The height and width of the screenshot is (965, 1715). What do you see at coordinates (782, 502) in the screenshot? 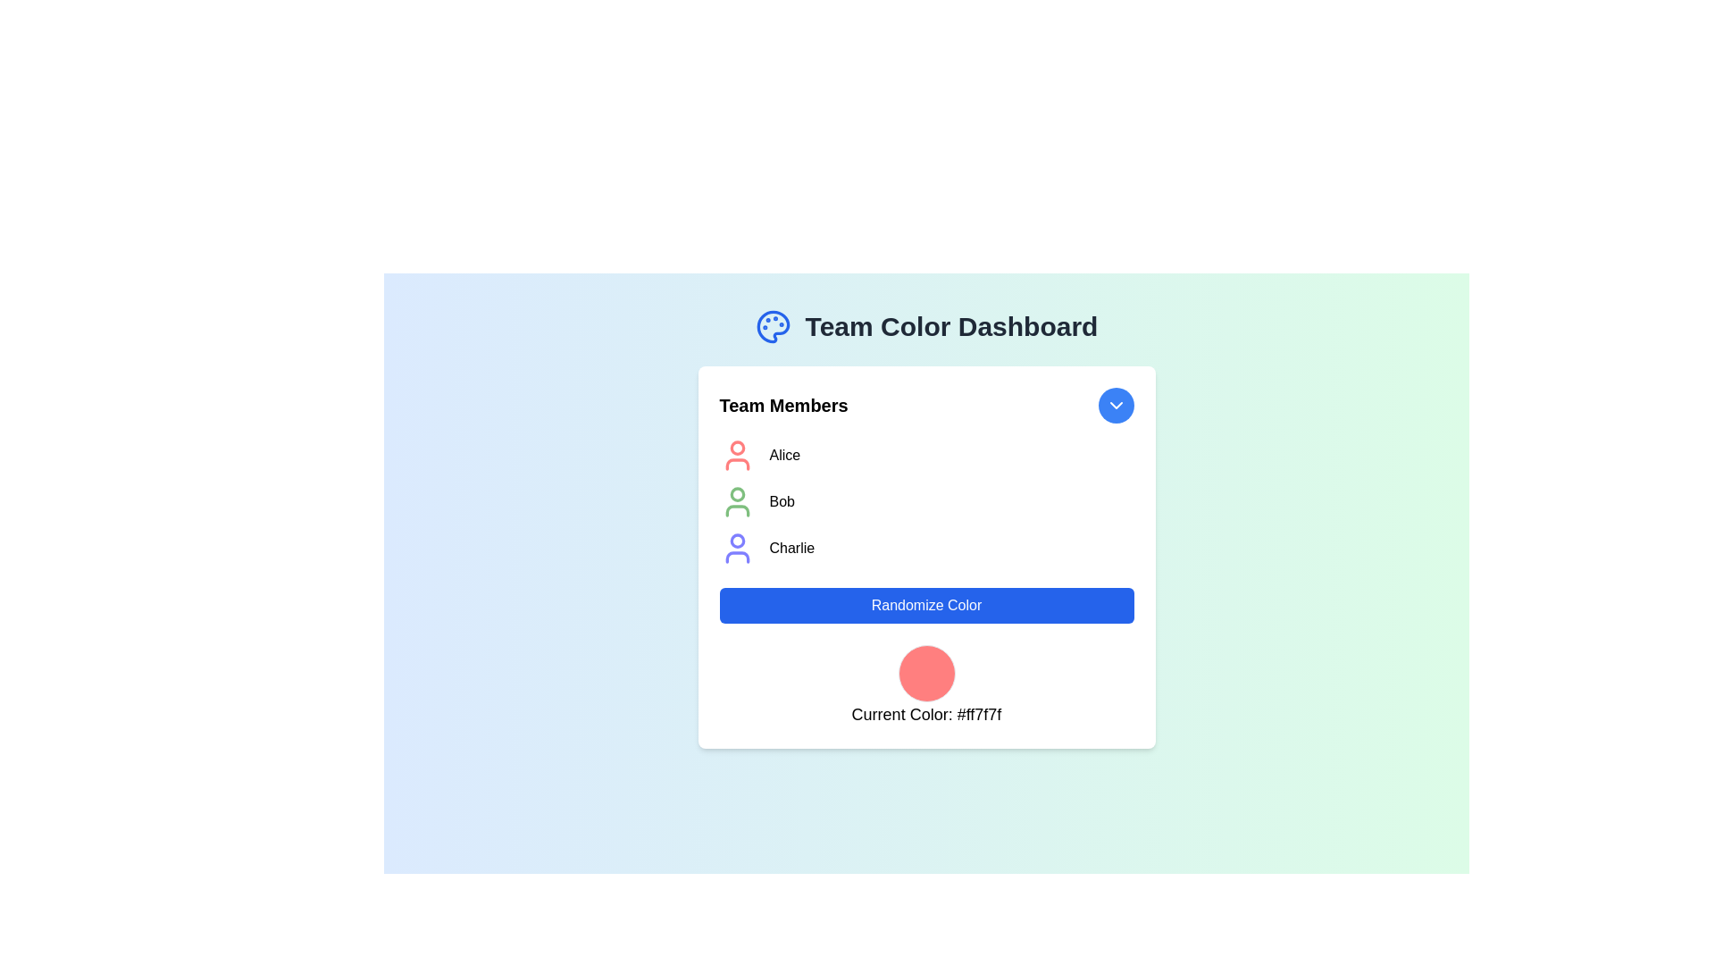
I see `the text label displaying 'Bob', which is the second entry in a vertical list of team members, positioned below 'Alice' and above 'Charlie'` at bounding box center [782, 502].